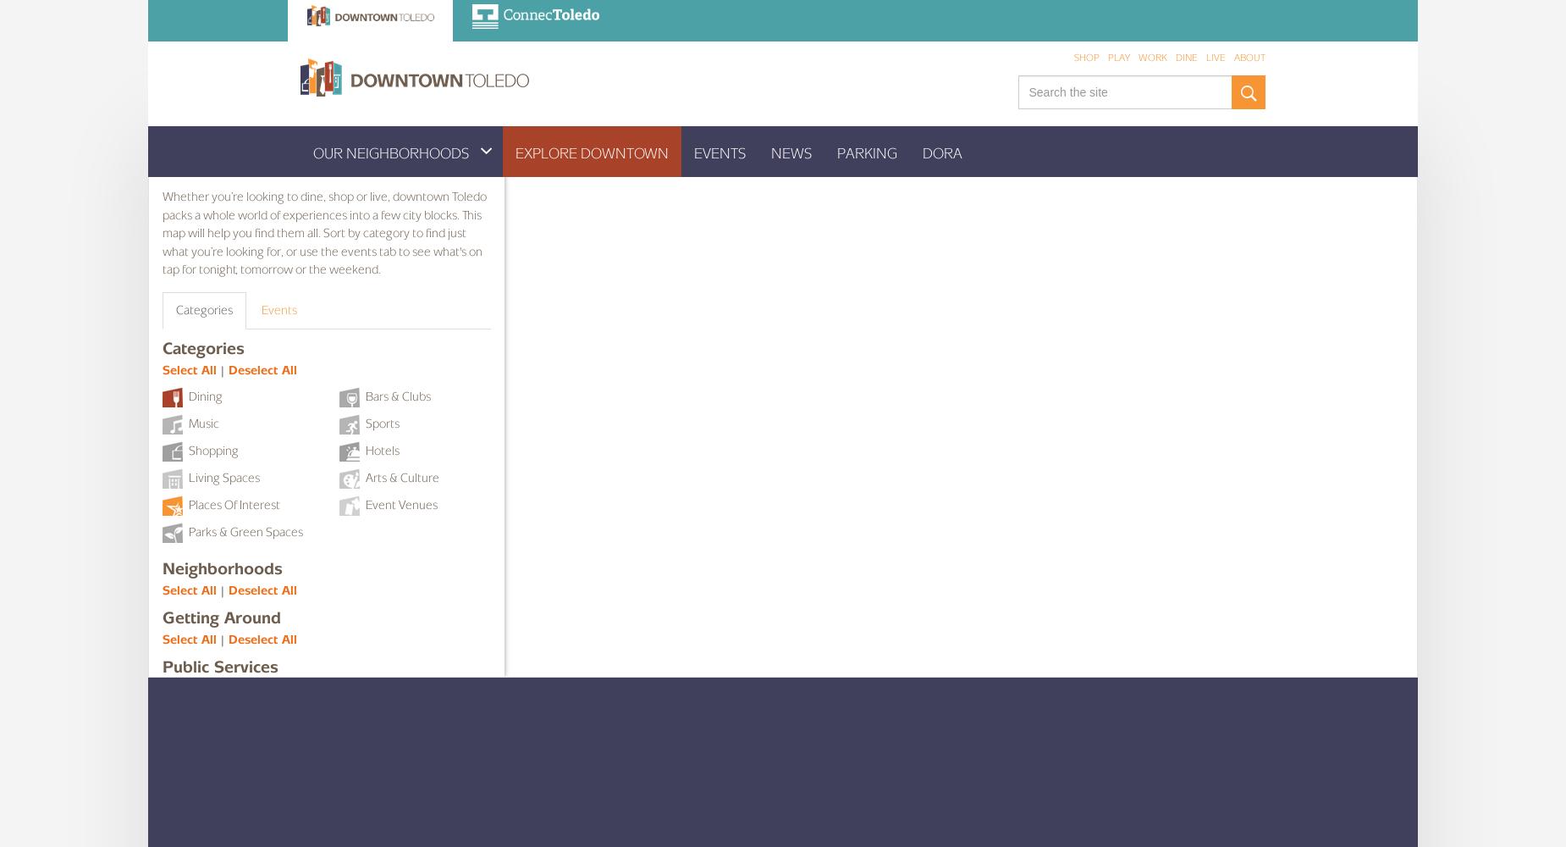  I want to click on 'Venue Title', so click(1503, 402).